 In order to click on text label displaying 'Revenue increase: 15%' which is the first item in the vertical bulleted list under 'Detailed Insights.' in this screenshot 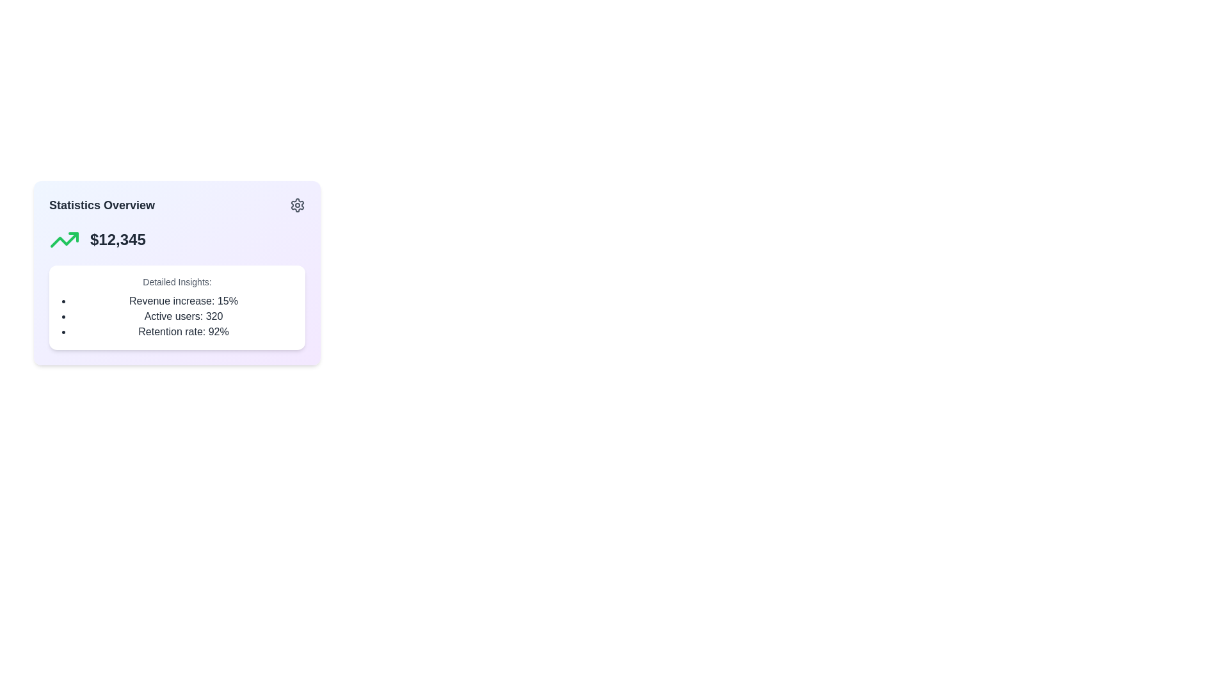, I will do `click(183, 301)`.